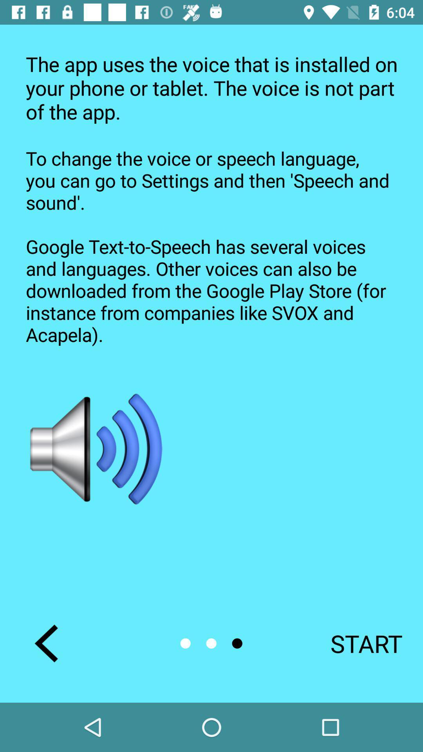 This screenshot has height=752, width=423. Describe the element at coordinates (96, 449) in the screenshot. I see `icon on the left` at that location.